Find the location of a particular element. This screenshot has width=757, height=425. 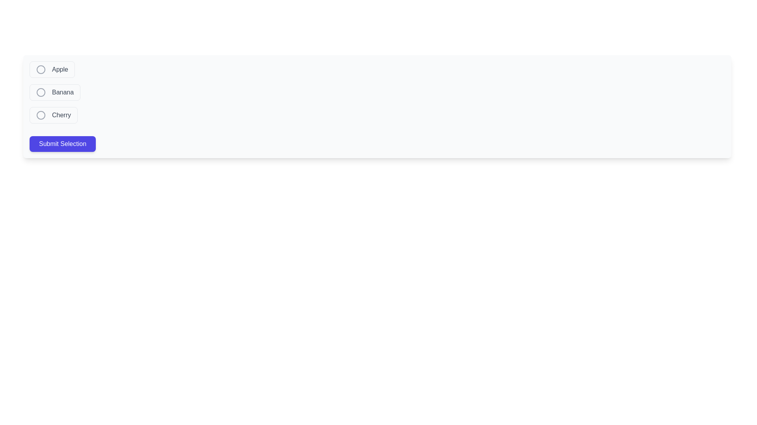

the circular icon for selection indication, which has a gray outline and is located to the left of the text 'Apple' is located at coordinates (41, 69).